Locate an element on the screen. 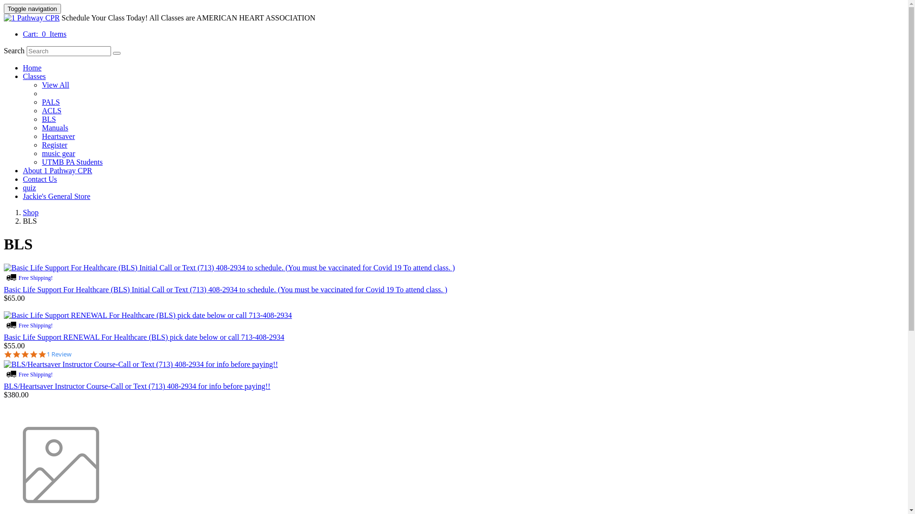 The image size is (915, 514). 'Cart:  0  Items' is located at coordinates (44, 33).